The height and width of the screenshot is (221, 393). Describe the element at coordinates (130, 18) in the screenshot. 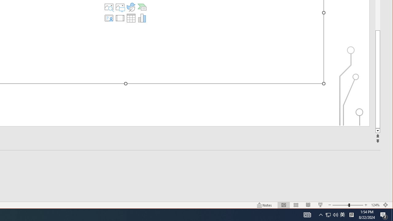

I see `'Insert Table'` at that location.